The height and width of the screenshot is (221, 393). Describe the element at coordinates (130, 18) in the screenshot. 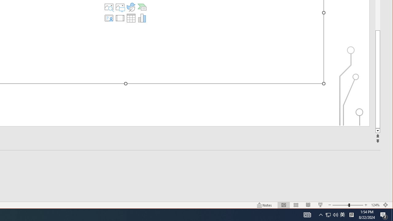

I see `'Insert Table'` at that location.